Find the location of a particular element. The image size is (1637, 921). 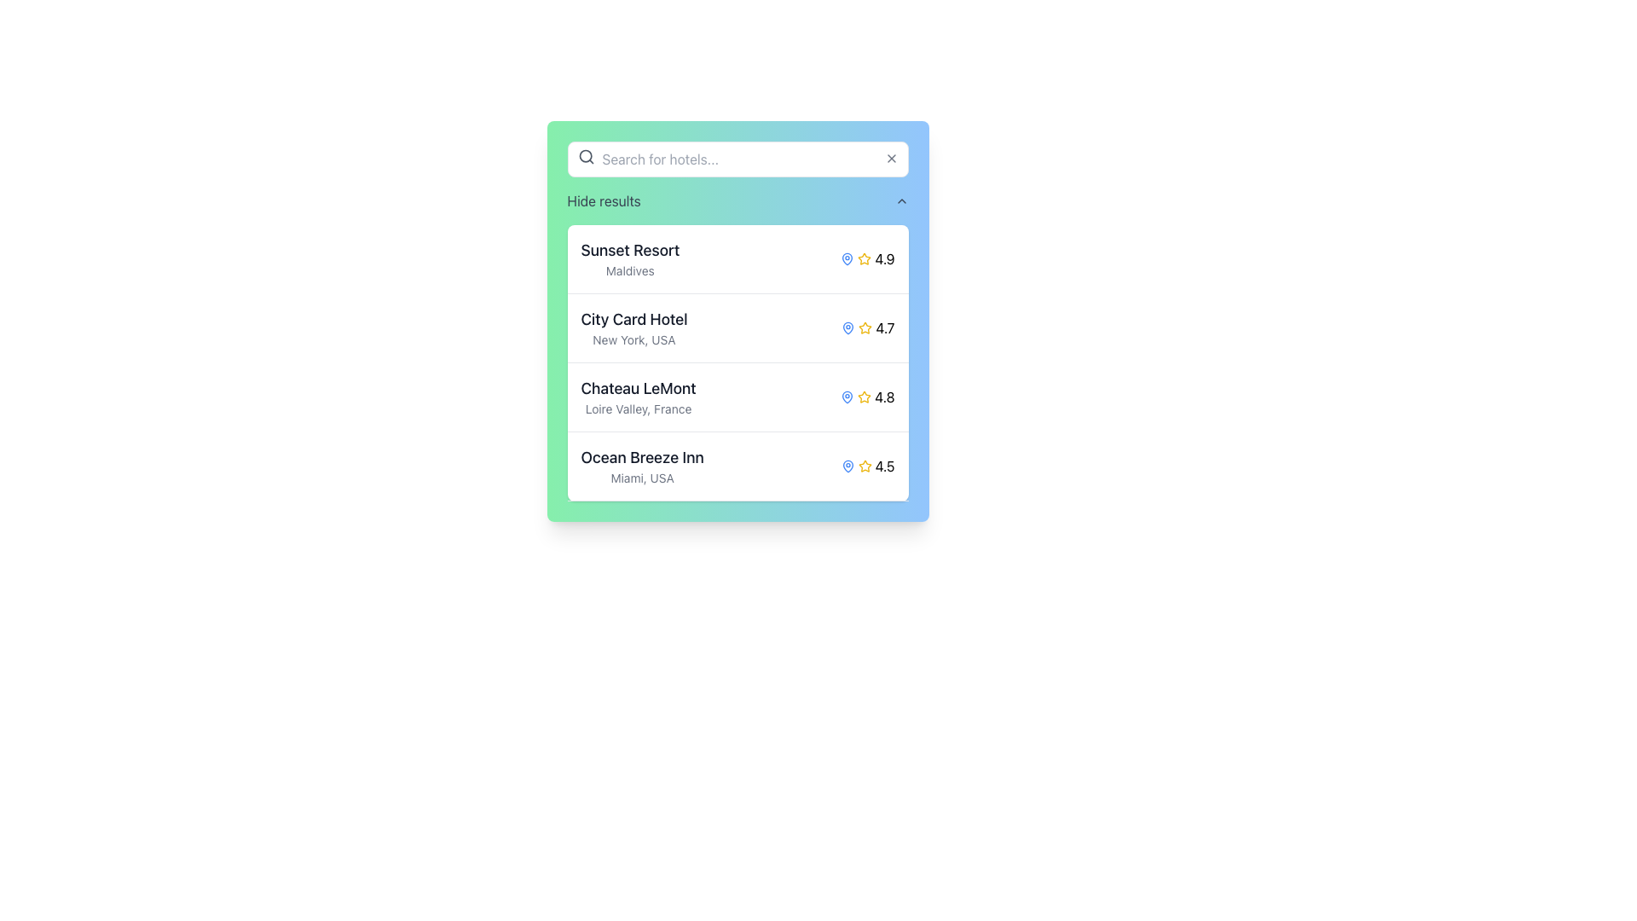

the pin icon located to the left of the rating score '4.8' for the entry 'Chateau LeMont, Loire Valley, France.' is located at coordinates (847, 397).